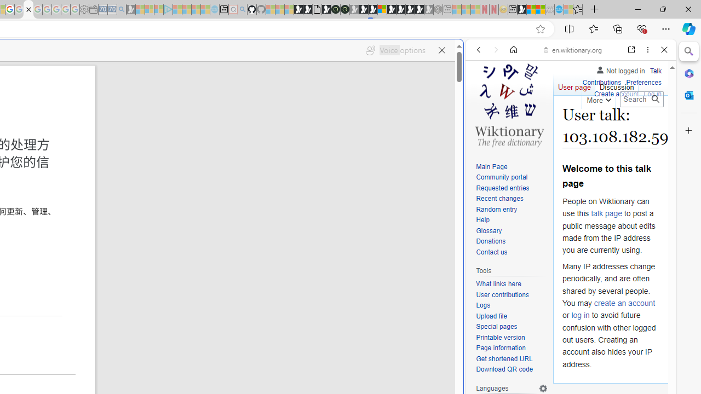 The width and height of the screenshot is (701, 394). Describe the element at coordinates (543, 387) in the screenshot. I see `'Language settings'` at that location.